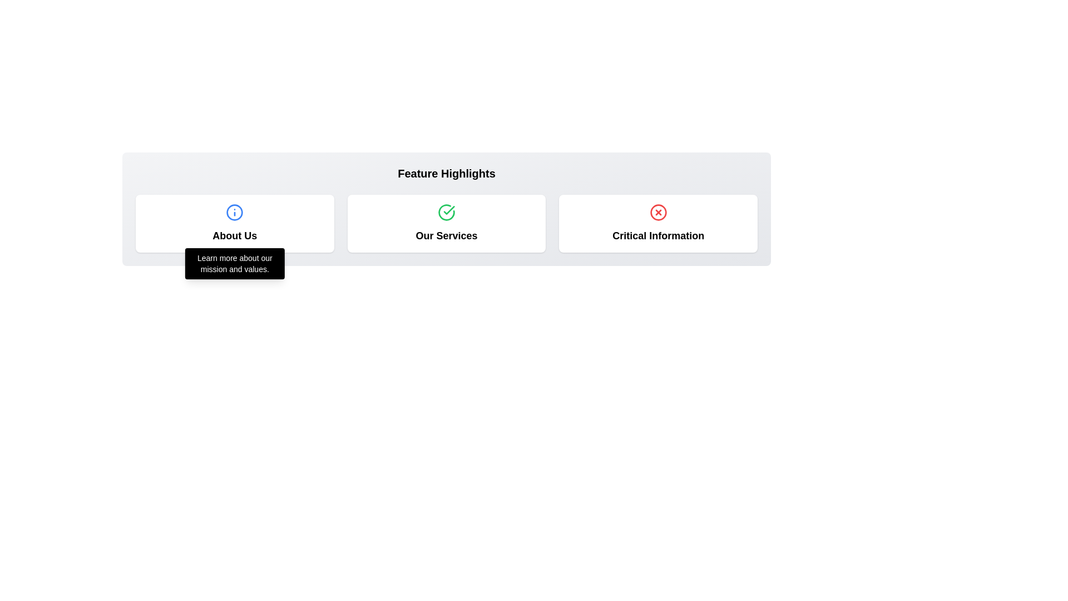  Describe the element at coordinates (234, 212) in the screenshot. I see `the blue information icon with a circular border, located in the 'About Us' section under 'Feature Highlights'` at that location.